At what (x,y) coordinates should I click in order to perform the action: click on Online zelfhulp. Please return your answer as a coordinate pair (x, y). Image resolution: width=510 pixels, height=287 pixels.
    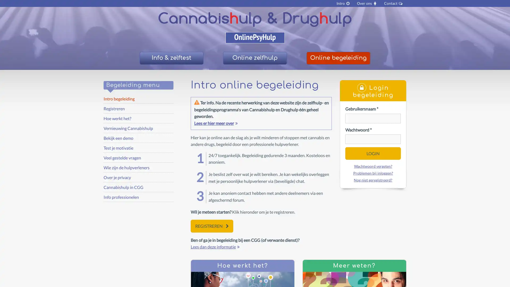
    Looking at the image, I should click on (254, 58).